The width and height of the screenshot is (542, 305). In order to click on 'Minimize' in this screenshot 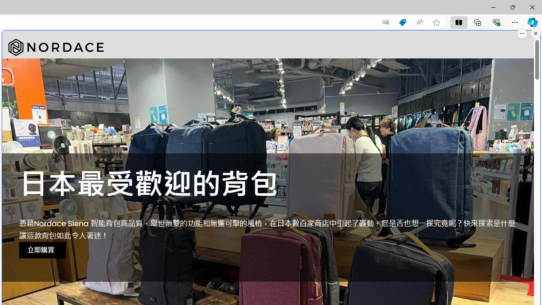, I will do `click(493, 7)`.